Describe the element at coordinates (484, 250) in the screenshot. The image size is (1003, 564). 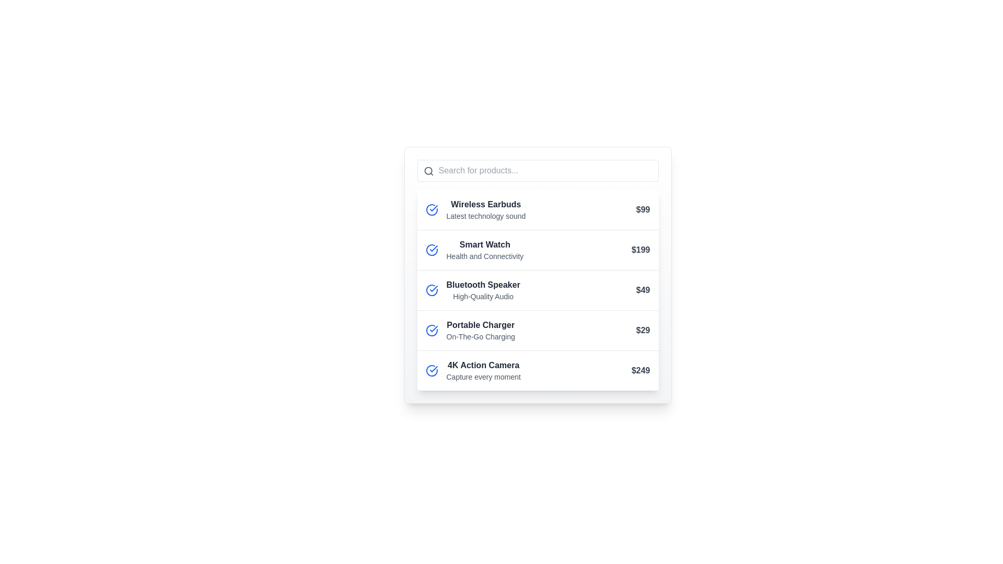
I see `the Text display component showing 'Smart Watch' above 'Health and Connectivity', which is the second entry in the product item list` at that location.